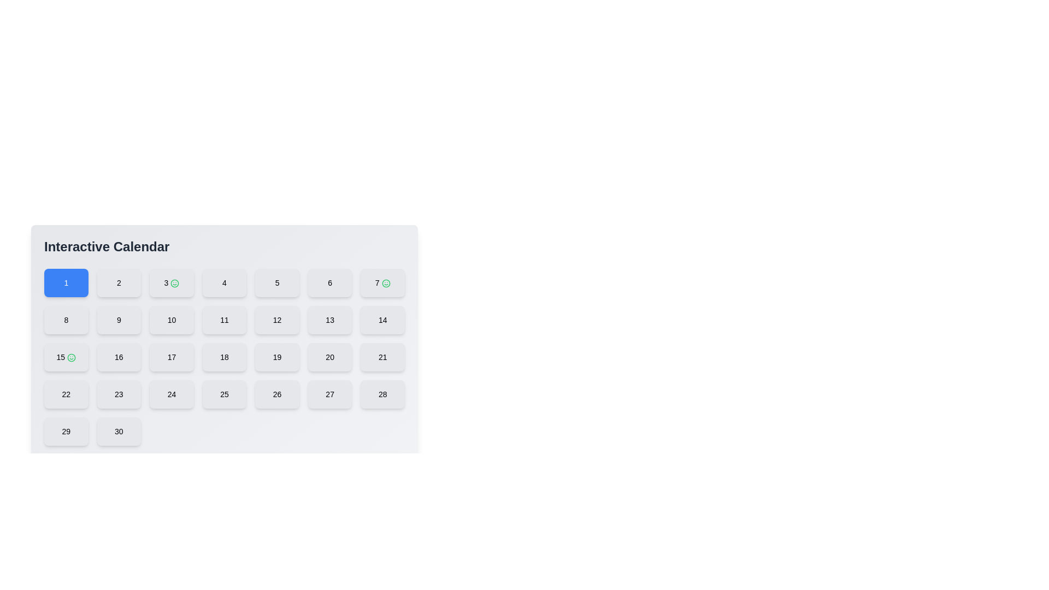  What do you see at coordinates (382, 357) in the screenshot?
I see `the button representing the 21st day in the interactive calendar` at bounding box center [382, 357].